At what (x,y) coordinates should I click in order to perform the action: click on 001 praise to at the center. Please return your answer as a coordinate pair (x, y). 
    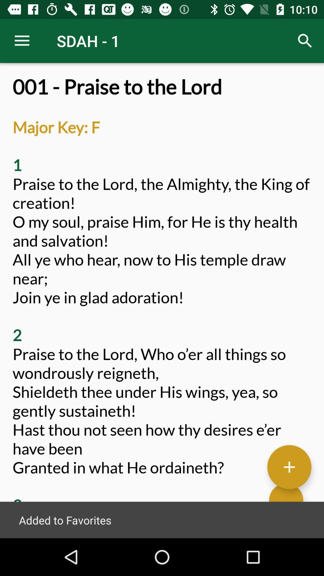
    Looking at the image, I should click on (162, 307).